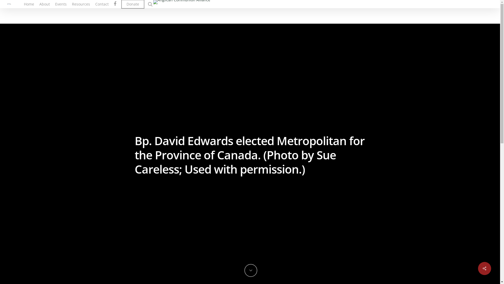 Image resolution: width=504 pixels, height=284 pixels. Describe the element at coordinates (81, 4) in the screenshot. I see `'Resources'` at that location.